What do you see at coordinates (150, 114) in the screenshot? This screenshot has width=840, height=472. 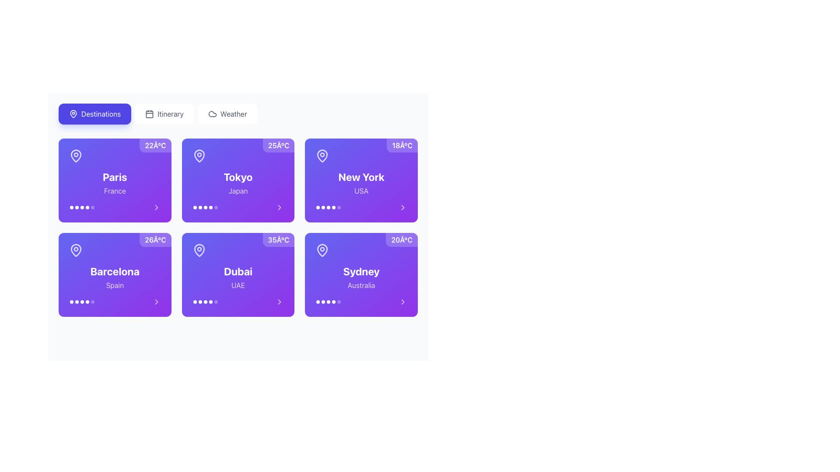 I see `the compact calendar icon located to the left side of the 'Itinerary' button in the navigation bar to invoke the button's functionality` at bounding box center [150, 114].